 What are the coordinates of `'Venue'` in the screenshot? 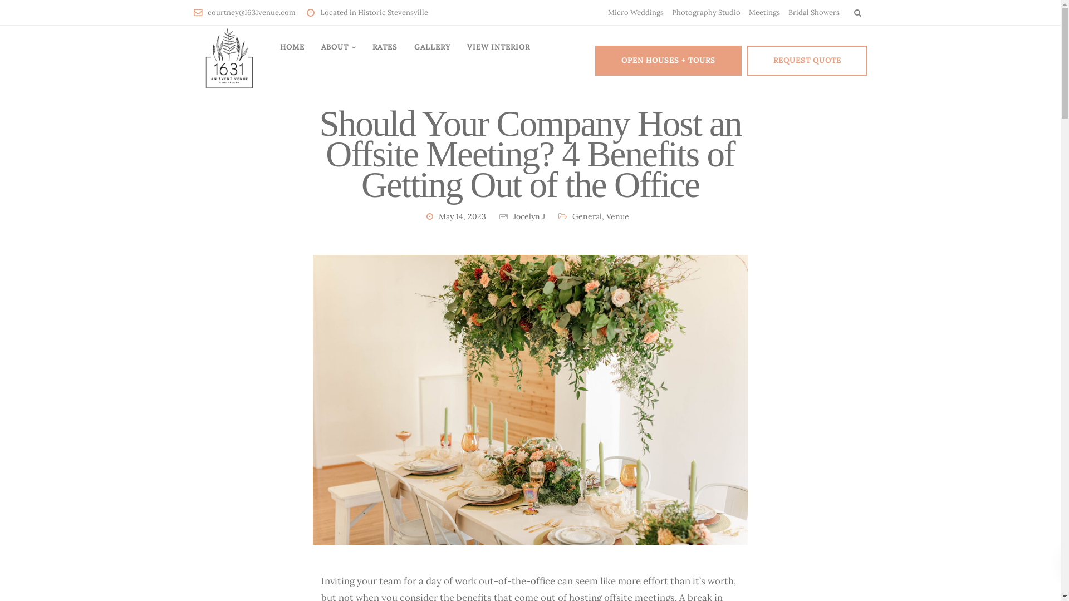 It's located at (616, 216).